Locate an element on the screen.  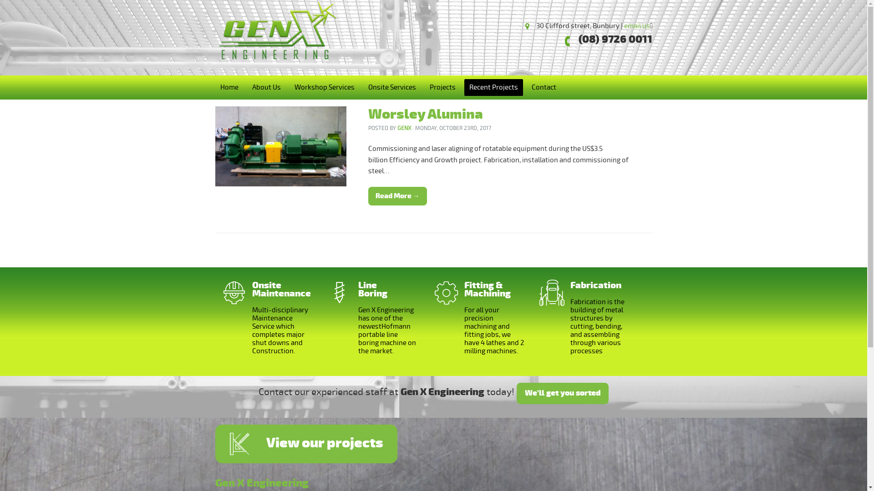
'Projects' is located at coordinates (442, 87).